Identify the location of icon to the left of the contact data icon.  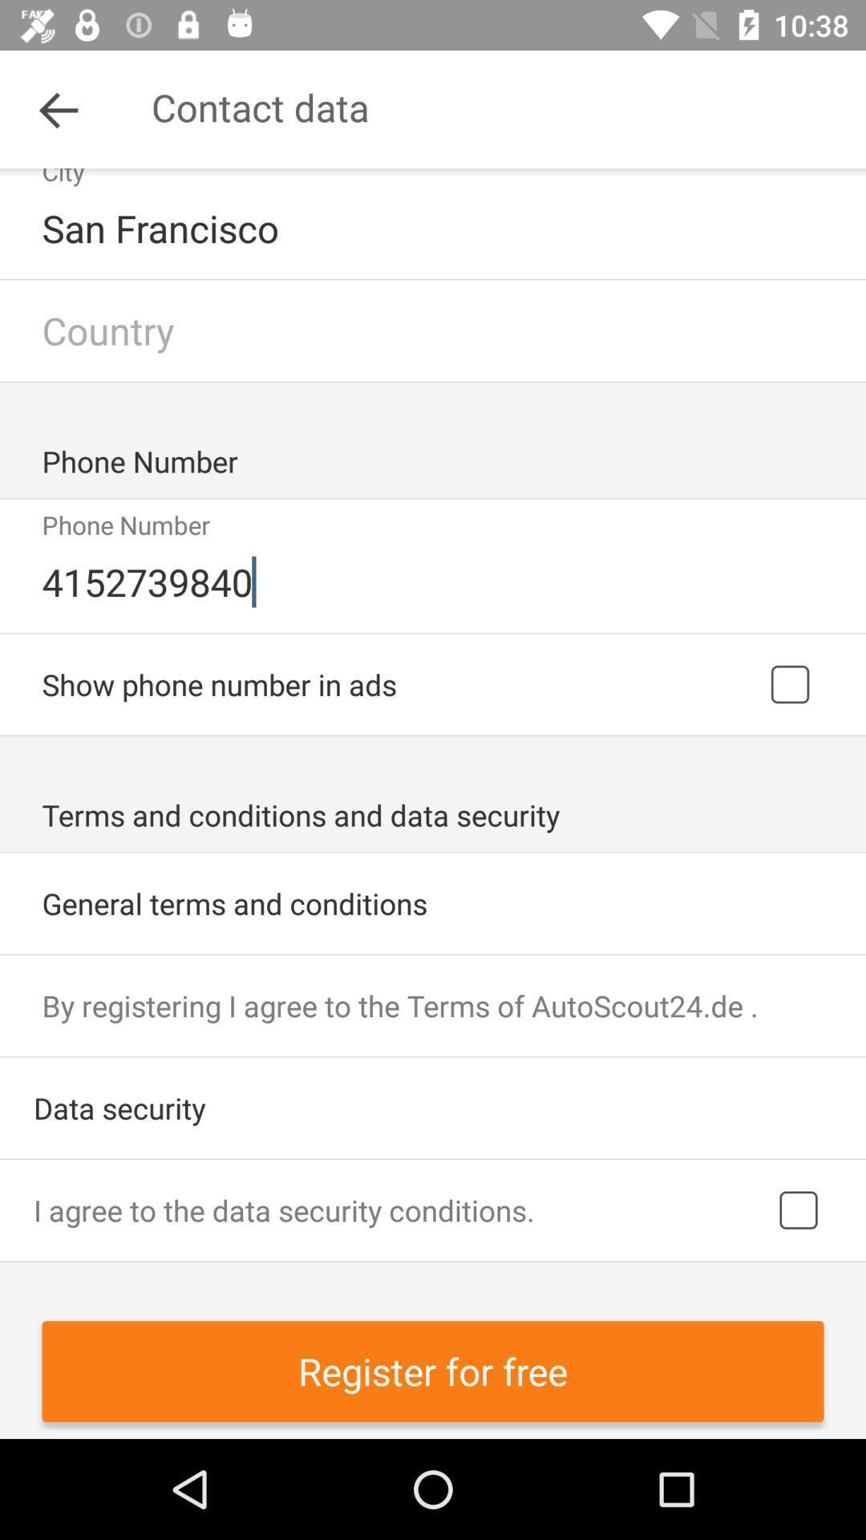
(58, 108).